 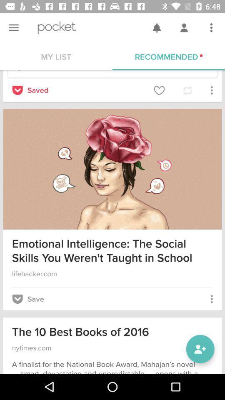 What do you see at coordinates (200, 349) in the screenshot?
I see `the follow icon` at bounding box center [200, 349].